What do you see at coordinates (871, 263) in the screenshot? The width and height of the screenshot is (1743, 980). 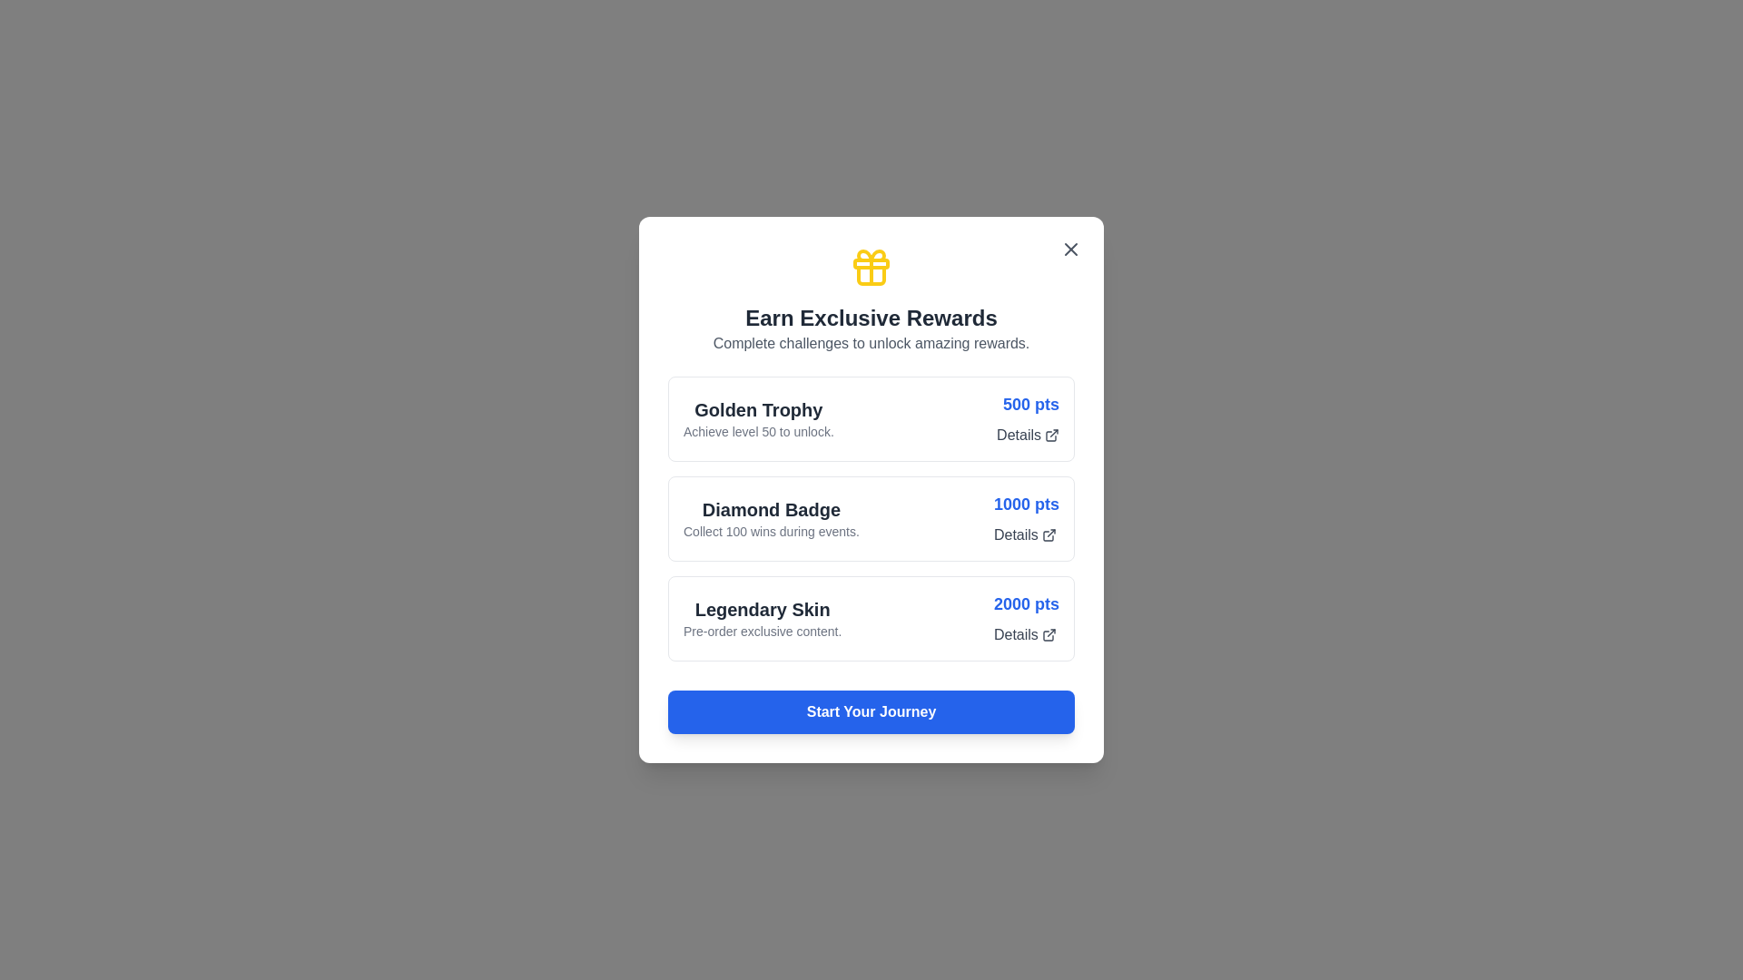 I see `the central horizontal decorative bar of the yellow gift box icon located at the top center of the content card` at bounding box center [871, 263].